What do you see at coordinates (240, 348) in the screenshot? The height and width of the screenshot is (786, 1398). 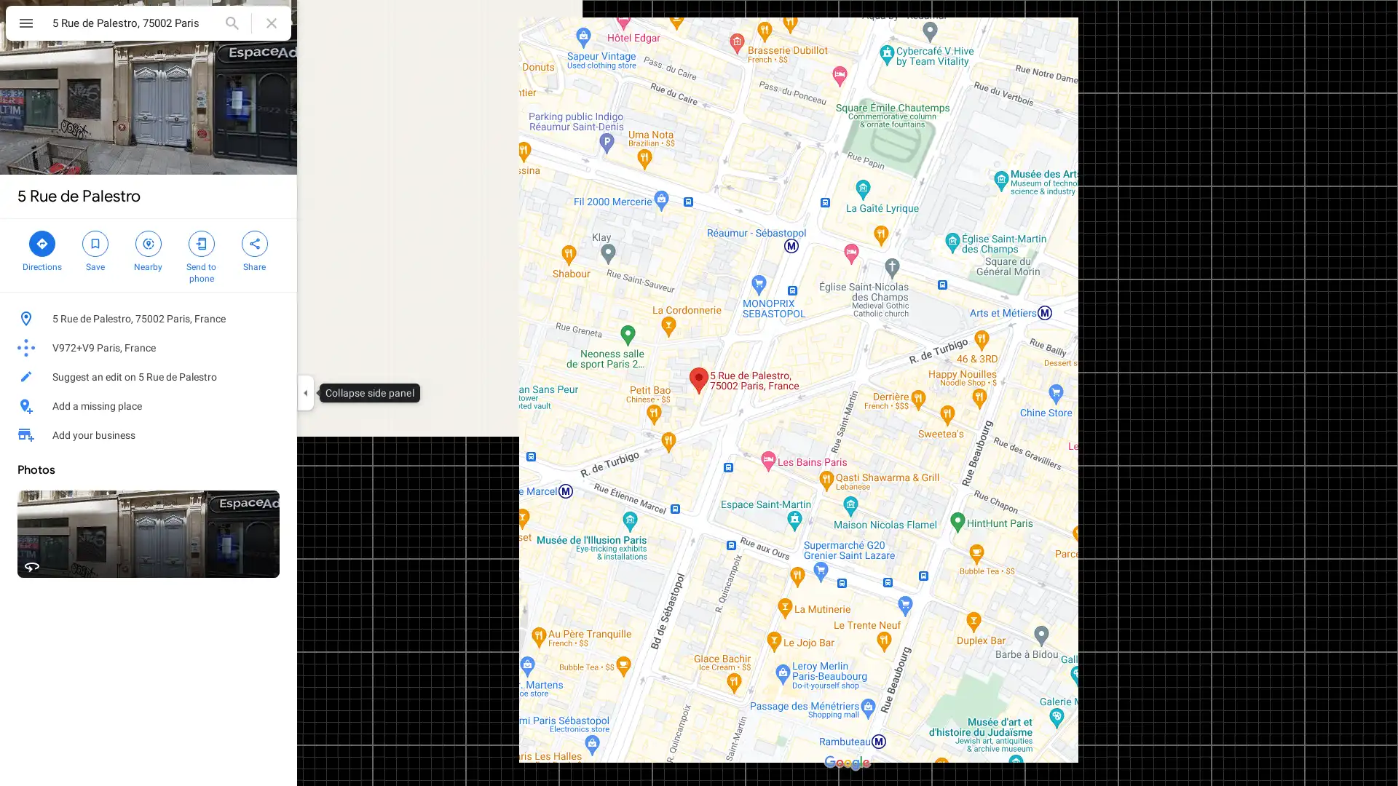 I see `Copy plus code` at bounding box center [240, 348].